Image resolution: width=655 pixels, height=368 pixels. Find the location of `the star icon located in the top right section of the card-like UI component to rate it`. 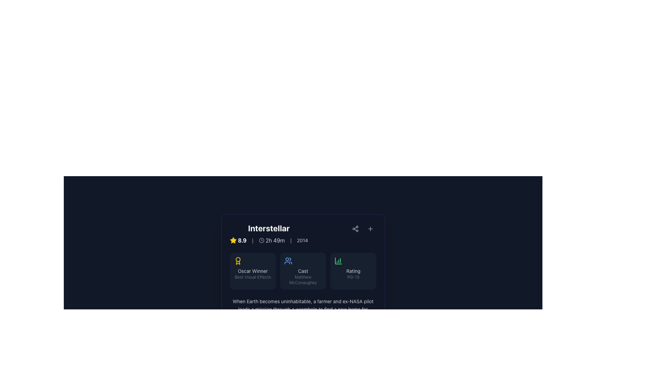

the star icon located in the top right section of the card-like UI component to rate it is located at coordinates (233, 240).